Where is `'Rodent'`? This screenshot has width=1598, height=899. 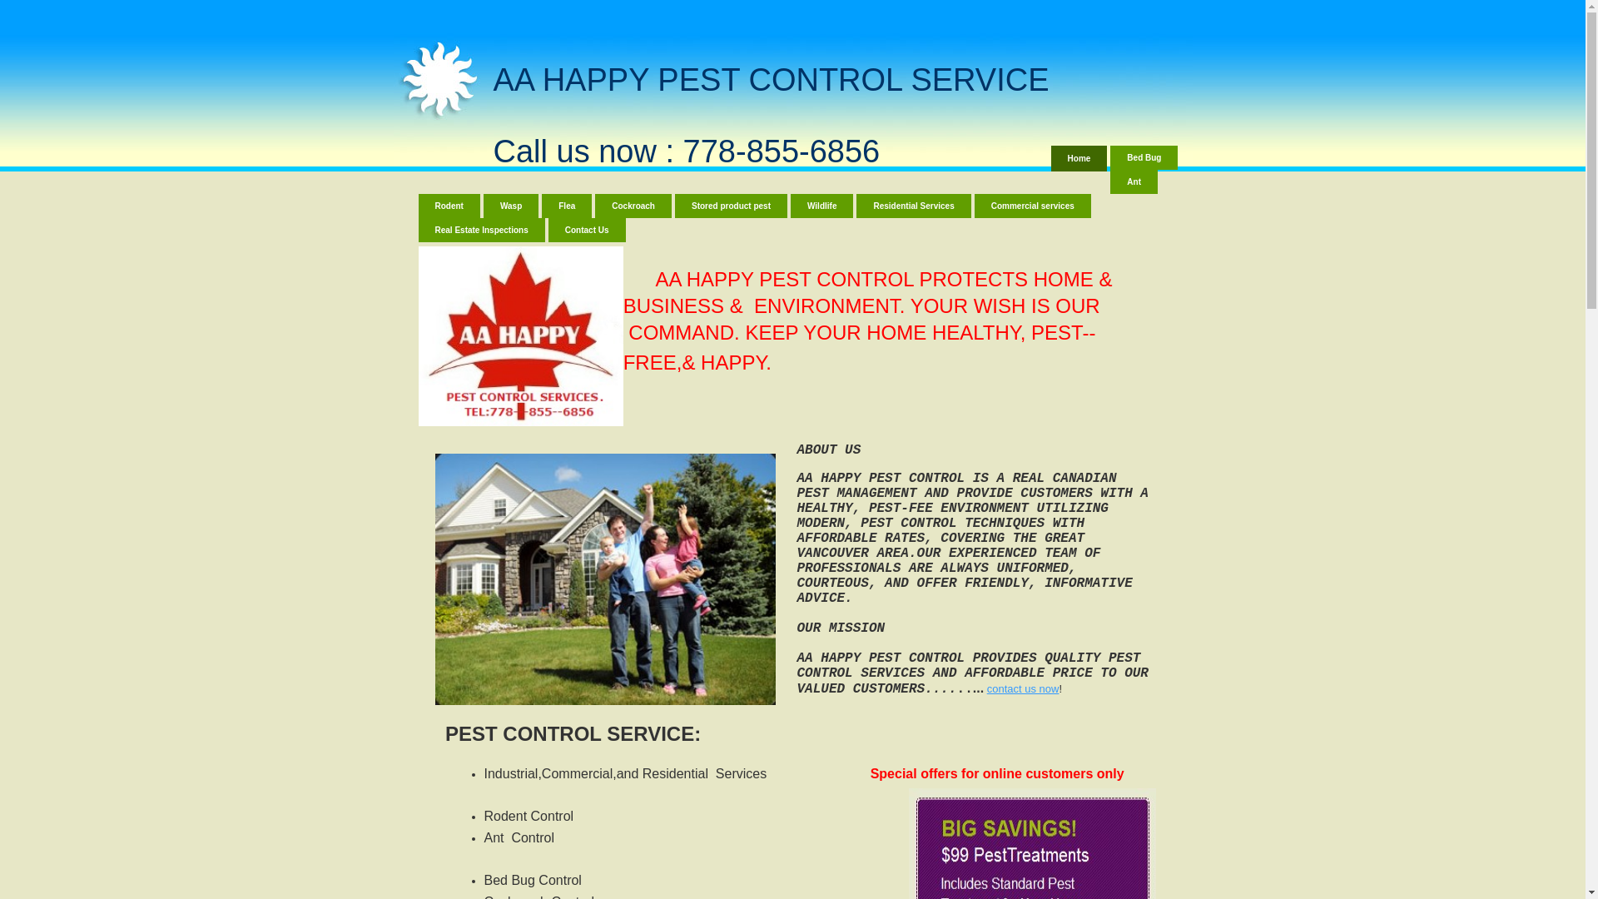
'Rodent' is located at coordinates (418, 205).